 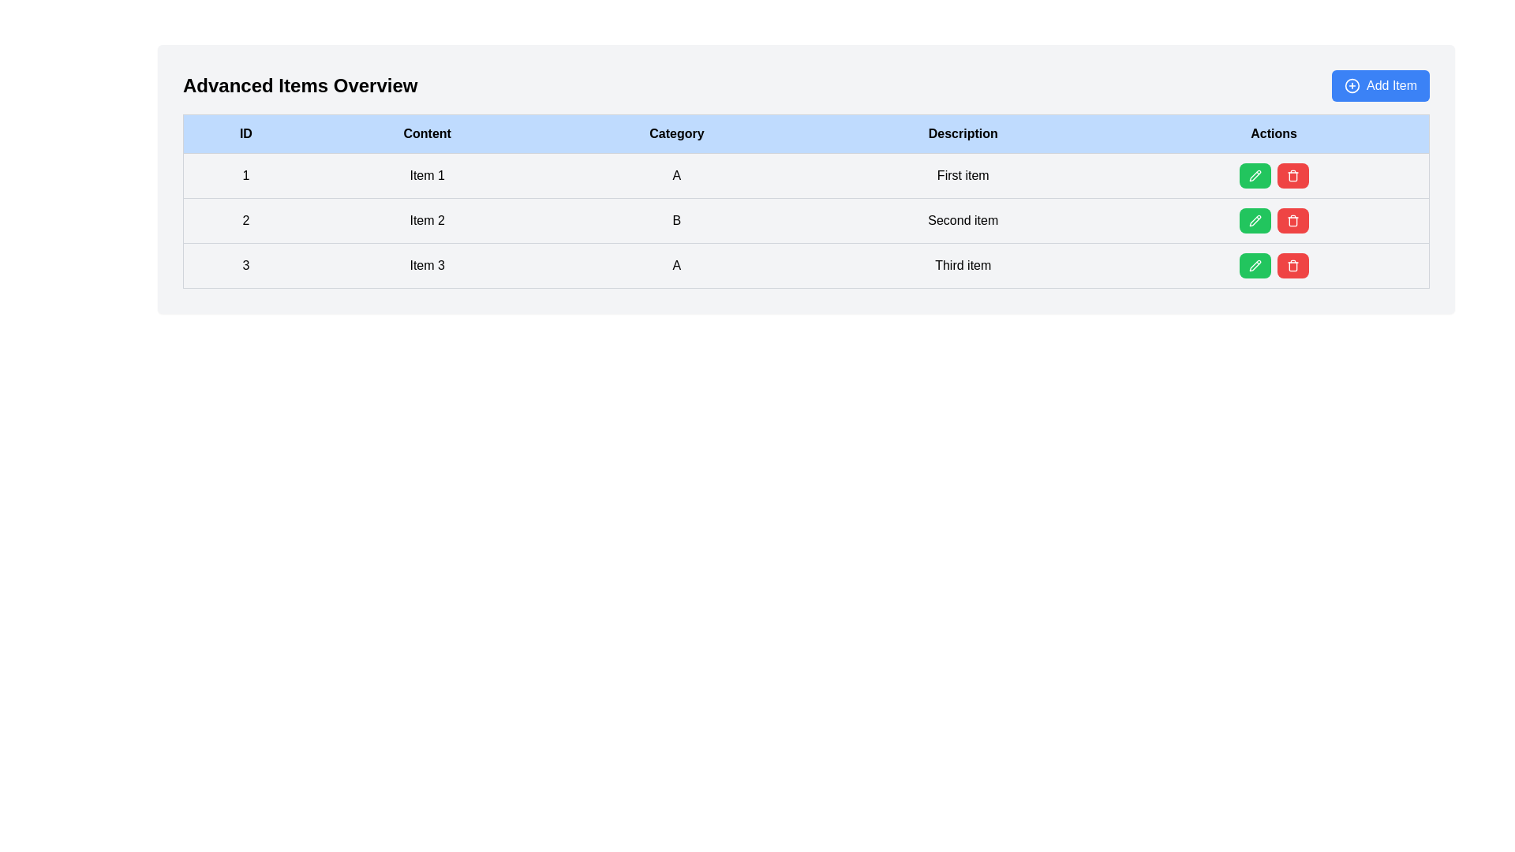 I want to click on text content of the category label 'A' located in the third row of the table under the 'Category' column, so click(x=676, y=264).